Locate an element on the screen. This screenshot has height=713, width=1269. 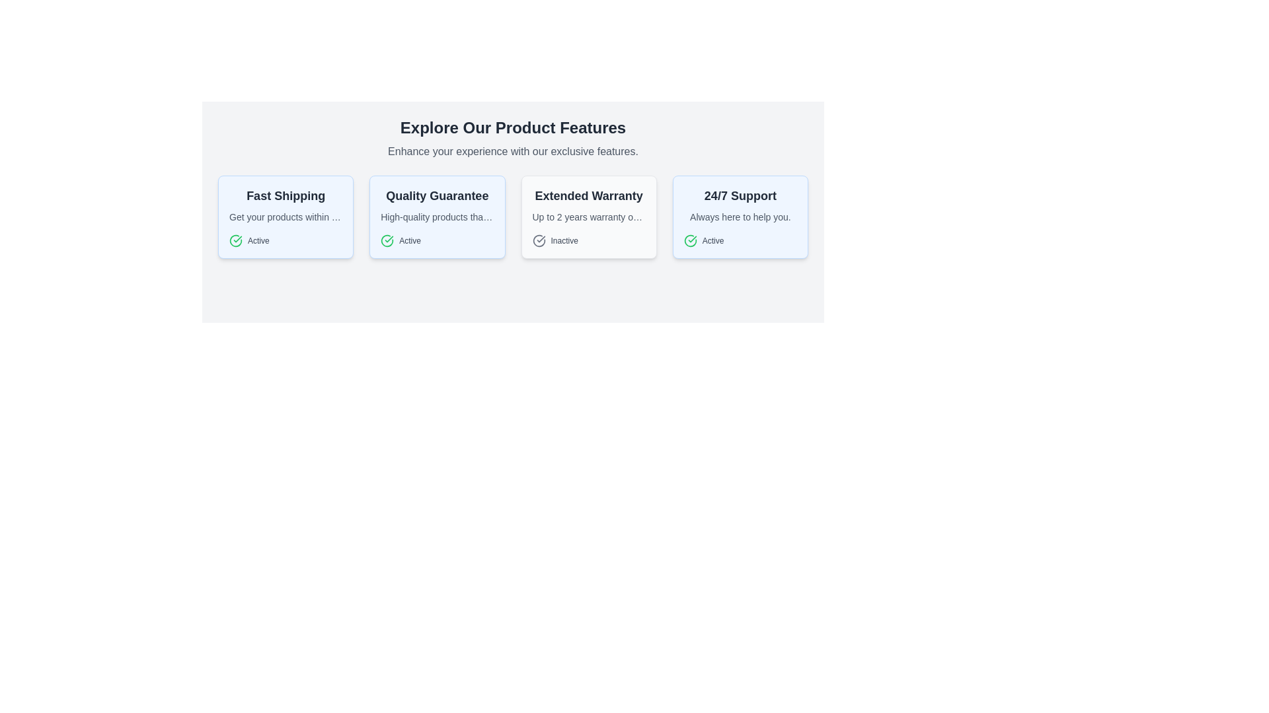
the 'Active' status icon of the 'Fast Shipping' feature is located at coordinates (235, 241).